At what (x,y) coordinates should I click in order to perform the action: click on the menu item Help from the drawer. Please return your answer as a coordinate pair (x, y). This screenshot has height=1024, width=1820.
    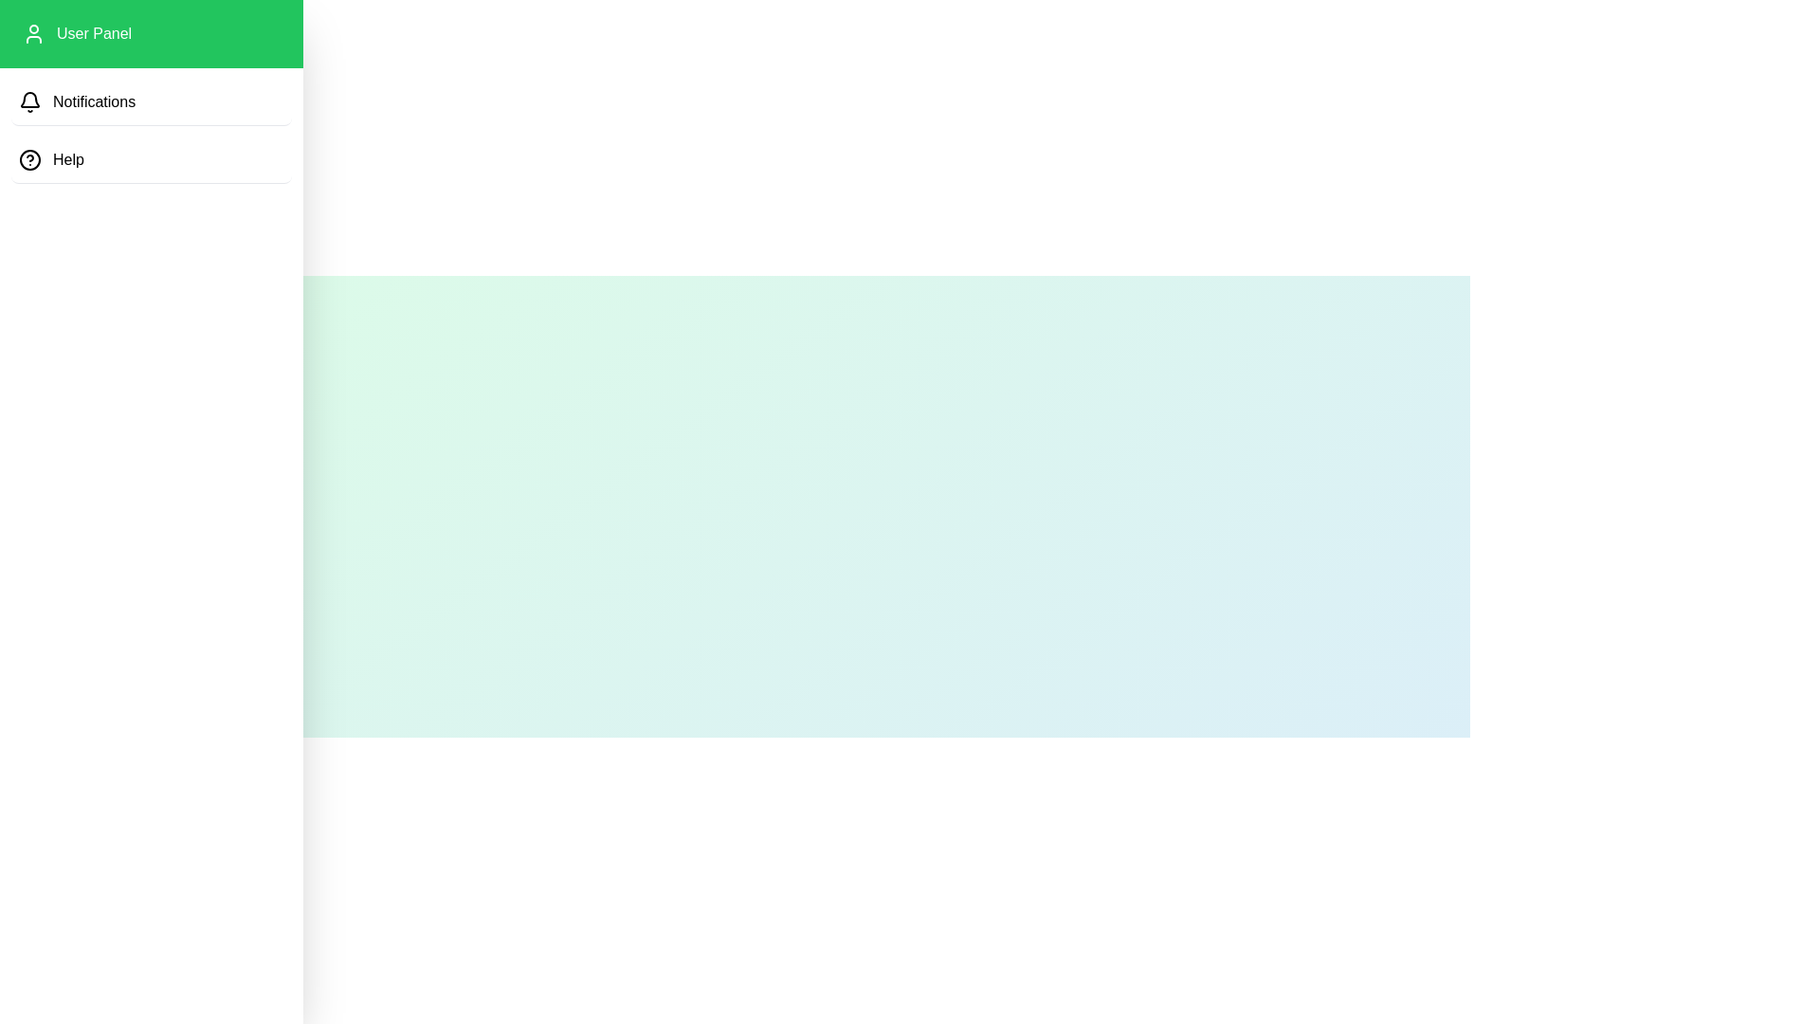
    Looking at the image, I should click on (150, 159).